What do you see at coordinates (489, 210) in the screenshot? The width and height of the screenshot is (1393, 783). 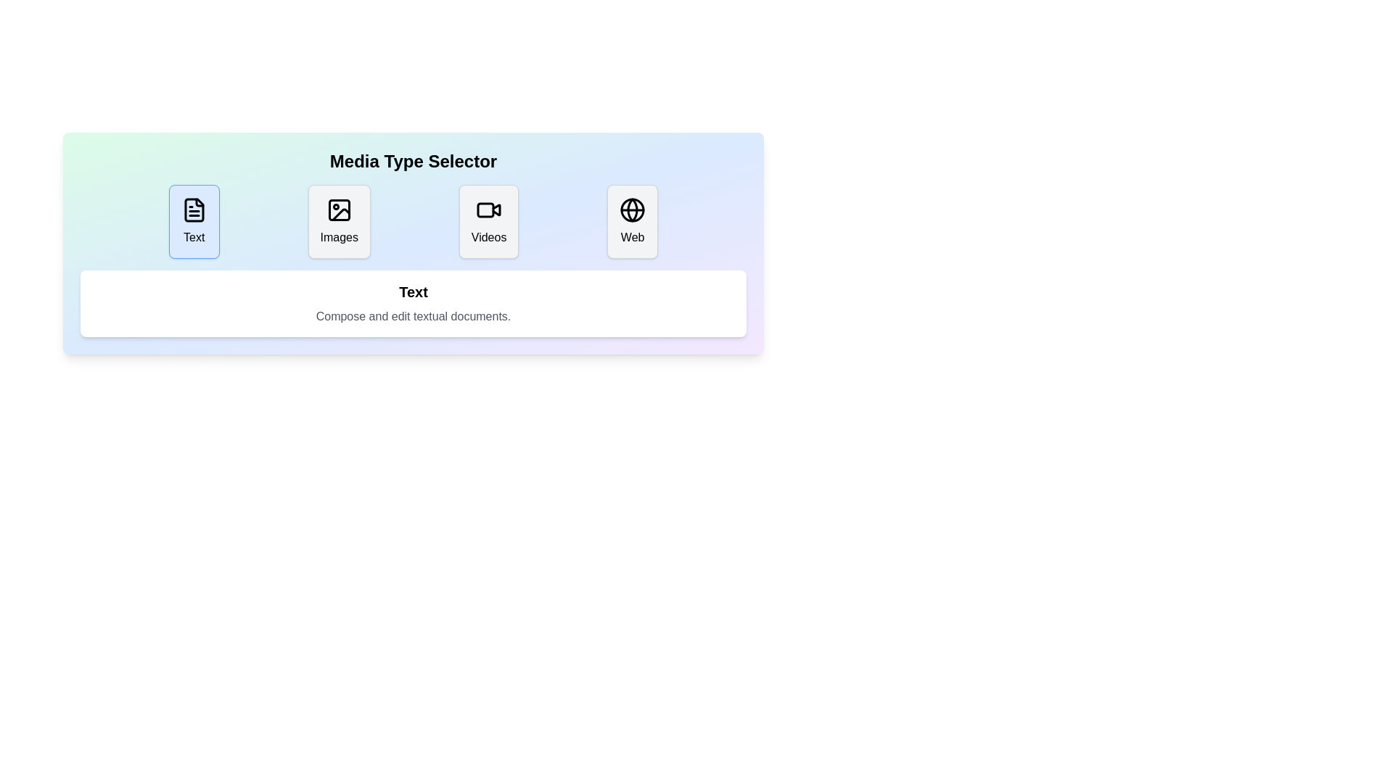 I see `the stylized video camera icon part of the 'Videos' button in the media type selector interface` at bounding box center [489, 210].